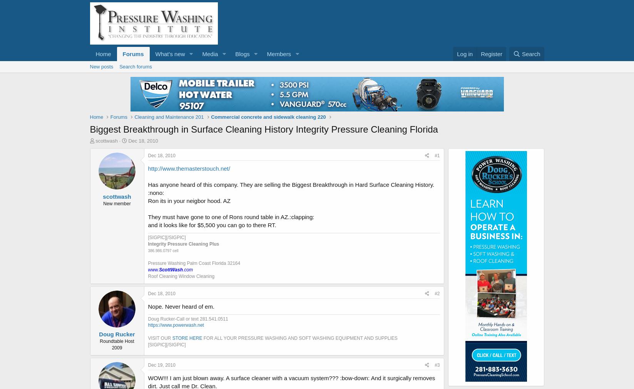 This screenshot has height=389, width=634. I want to click on 'Search', so click(521, 54).